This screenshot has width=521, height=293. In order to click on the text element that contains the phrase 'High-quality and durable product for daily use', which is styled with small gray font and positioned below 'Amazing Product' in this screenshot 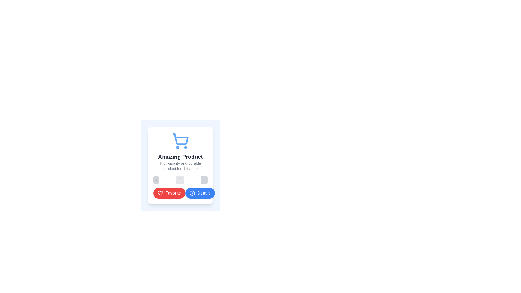, I will do `click(180, 166)`.